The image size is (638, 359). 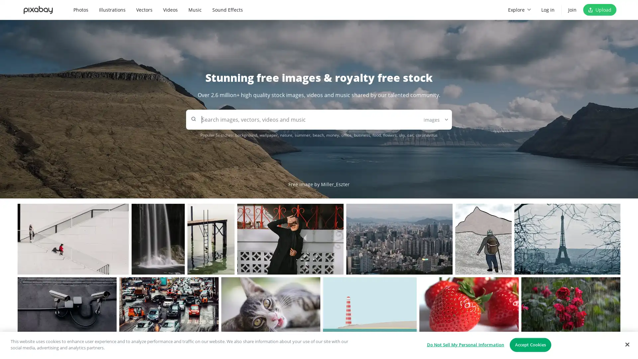 I want to click on Images, so click(x=436, y=119).